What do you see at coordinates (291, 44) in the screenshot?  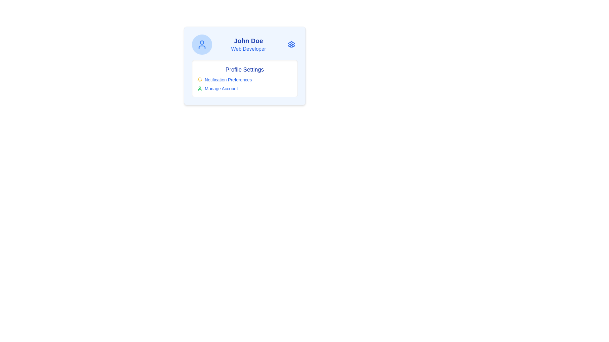 I see `the gear icon located at the top-right corner of the user information card for additional options` at bounding box center [291, 44].